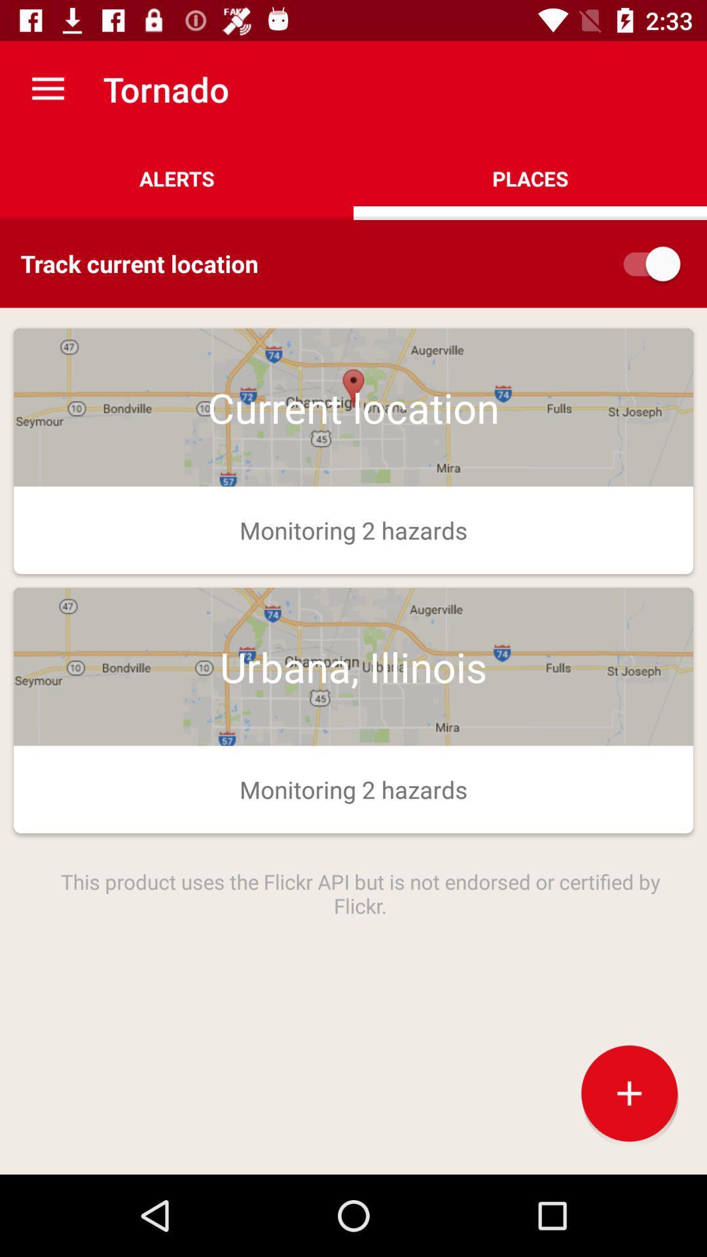 The width and height of the screenshot is (707, 1257). I want to click on app to the left of the tornado app, so click(47, 88).